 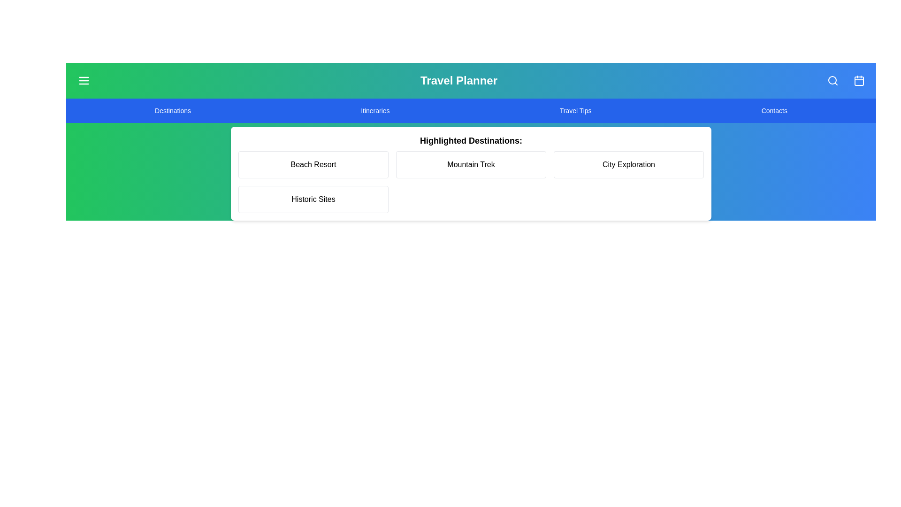 What do you see at coordinates (84, 80) in the screenshot?
I see `the menu button to toggle the menu visibility` at bounding box center [84, 80].